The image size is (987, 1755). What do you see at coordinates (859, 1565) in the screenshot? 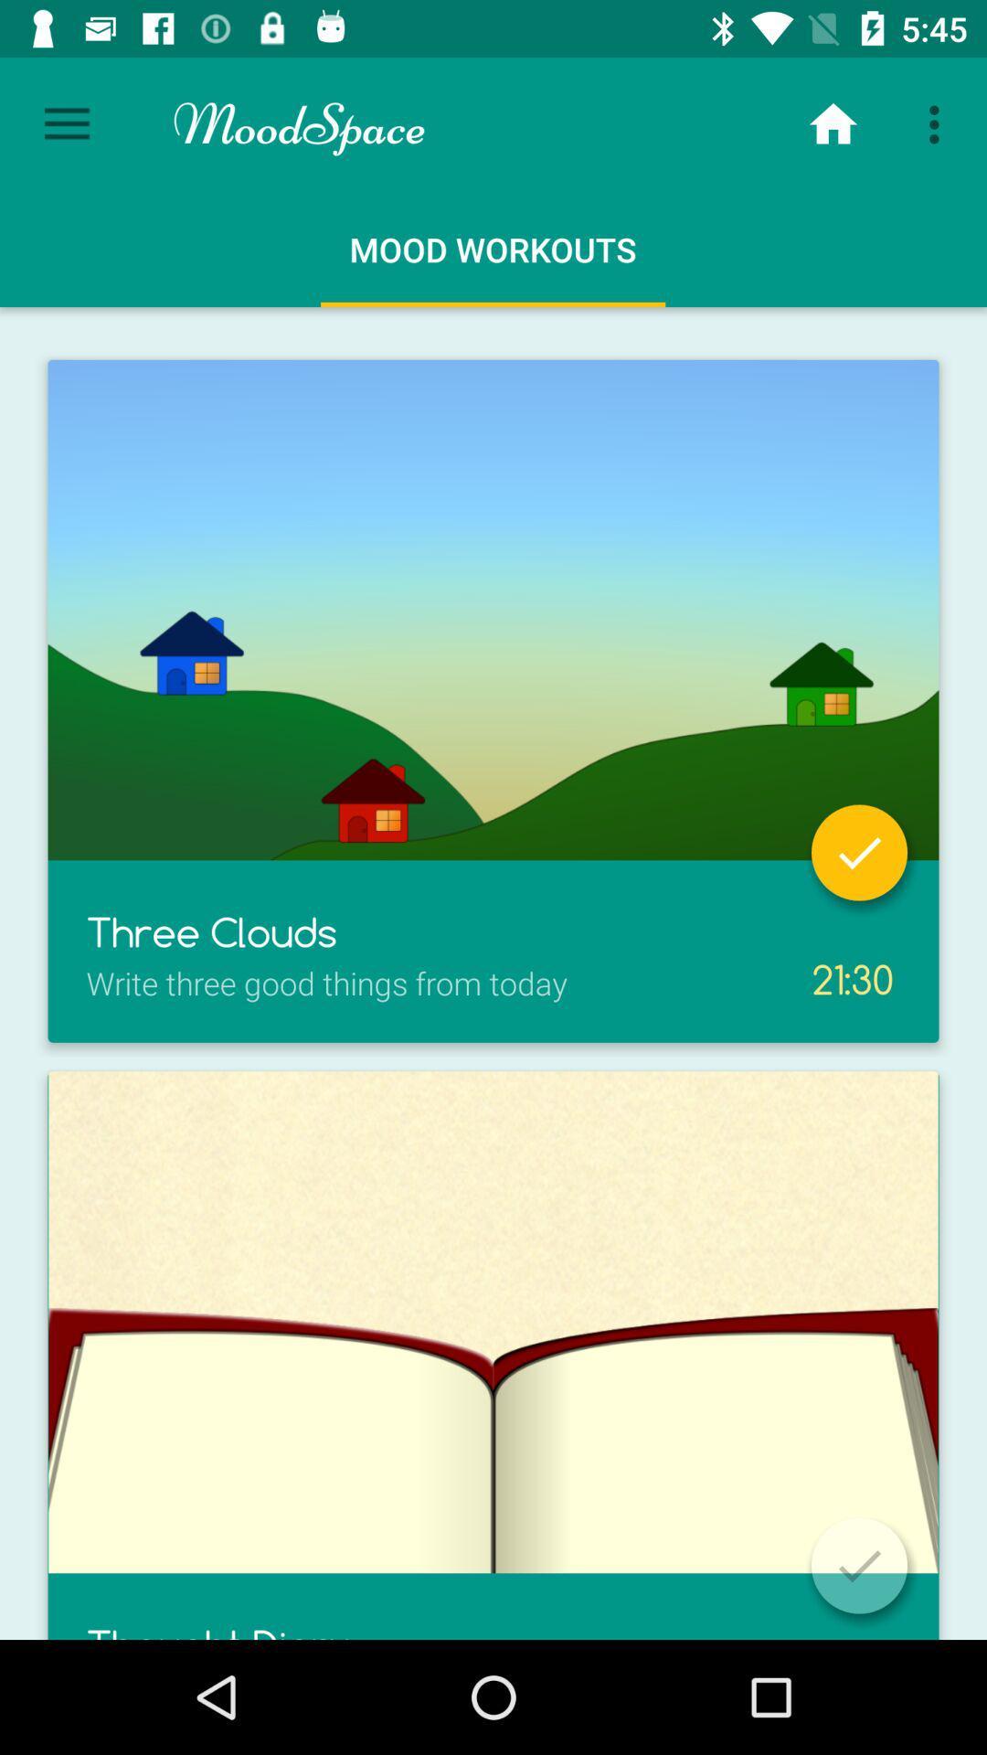
I see `finish the workout` at bounding box center [859, 1565].